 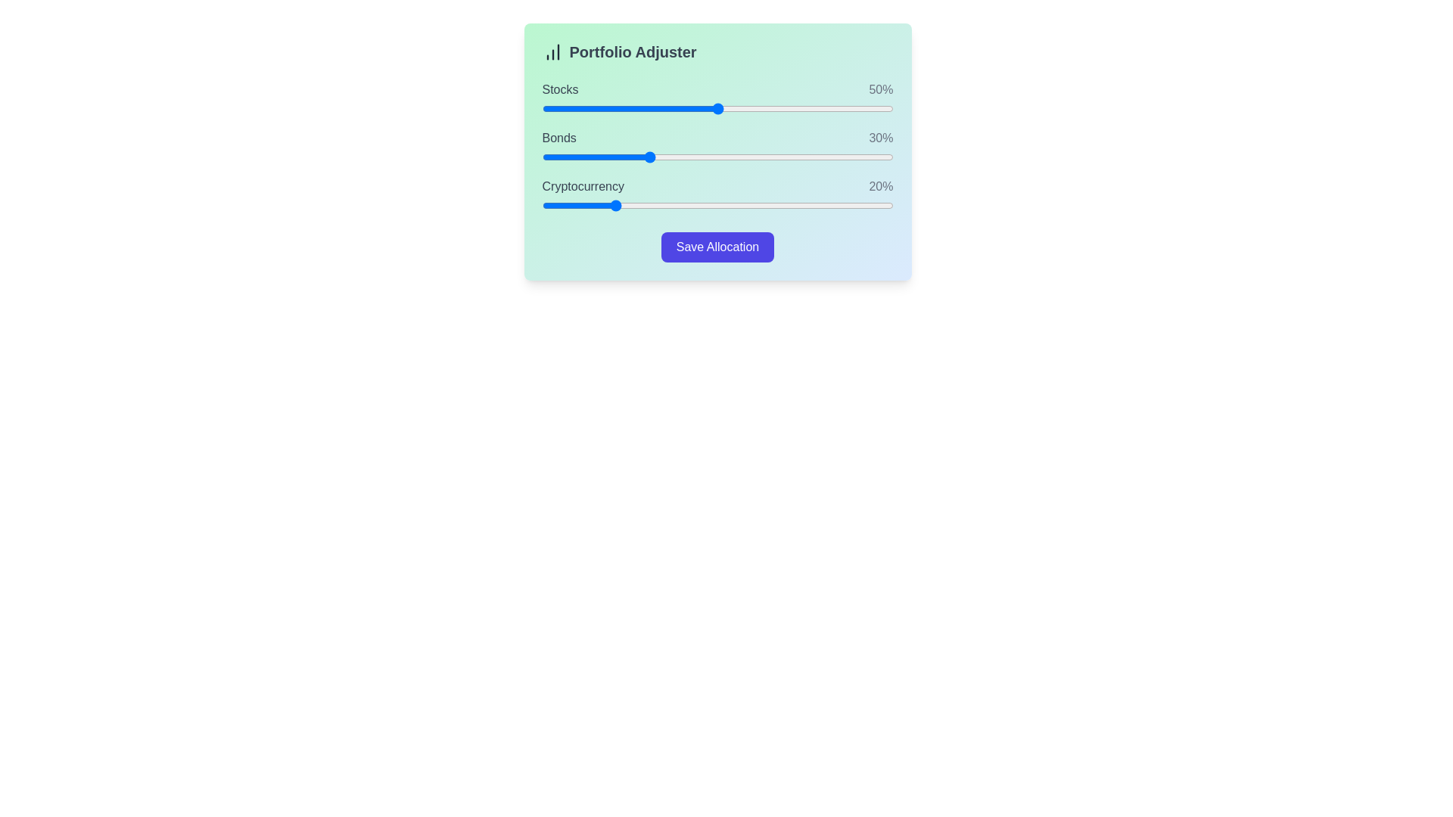 I want to click on the 'Cryptocurrency' slider to set its value to 97, so click(x=882, y=206).